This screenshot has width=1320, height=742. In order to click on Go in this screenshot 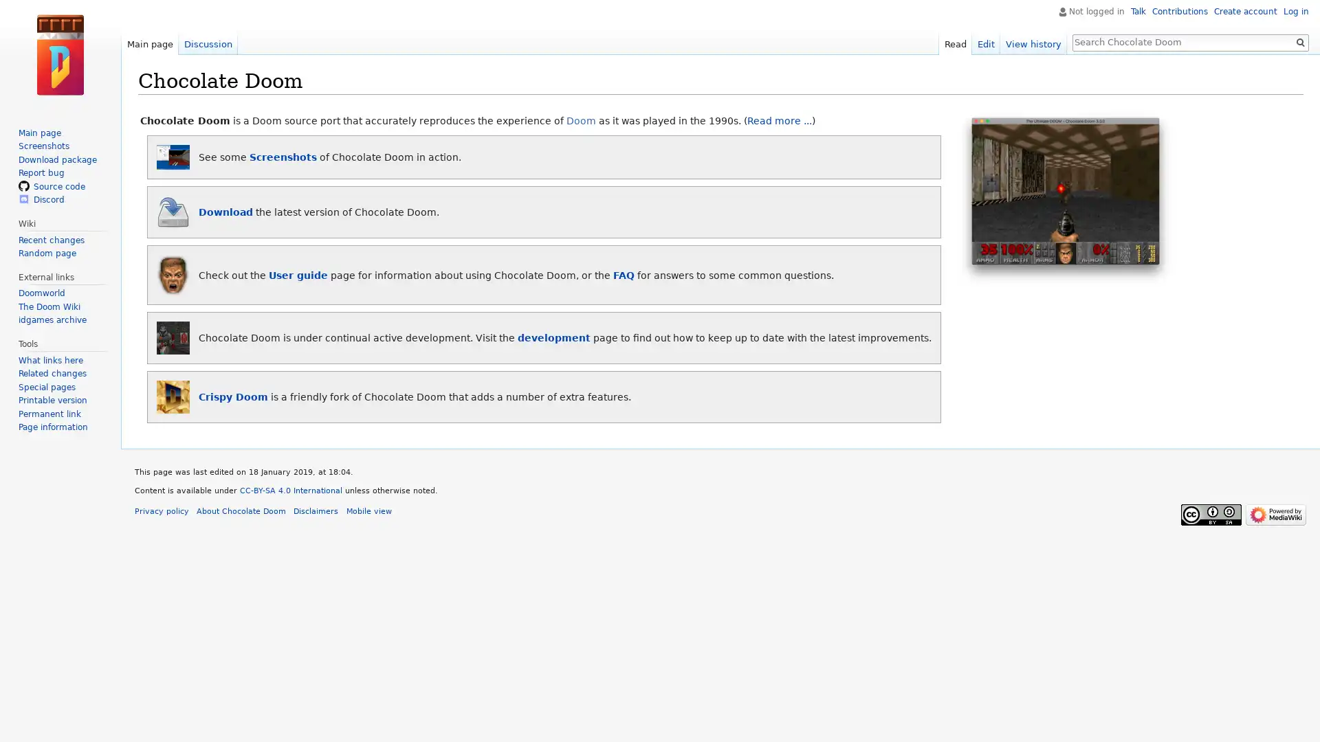, I will do `click(1299, 41)`.